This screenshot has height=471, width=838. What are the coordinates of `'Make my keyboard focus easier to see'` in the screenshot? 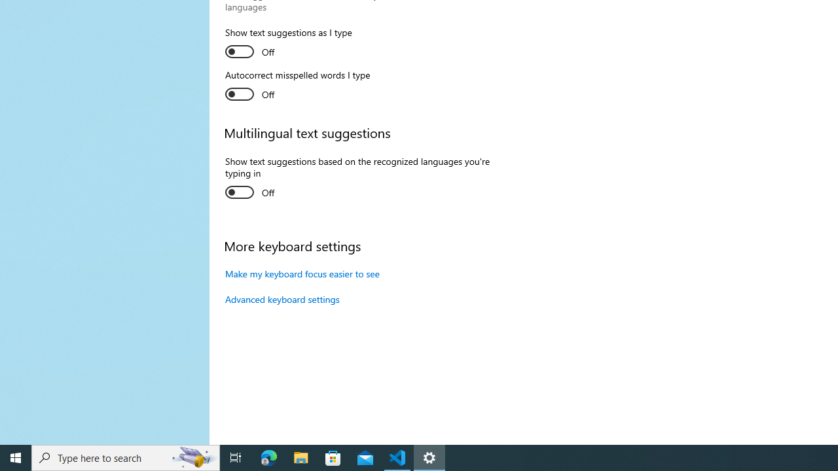 It's located at (302, 273).